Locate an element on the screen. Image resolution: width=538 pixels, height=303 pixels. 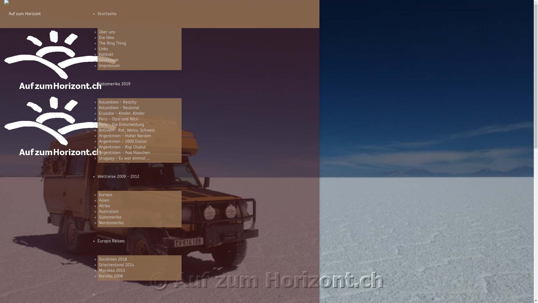
'The Ring Thing' is located at coordinates (112, 43).